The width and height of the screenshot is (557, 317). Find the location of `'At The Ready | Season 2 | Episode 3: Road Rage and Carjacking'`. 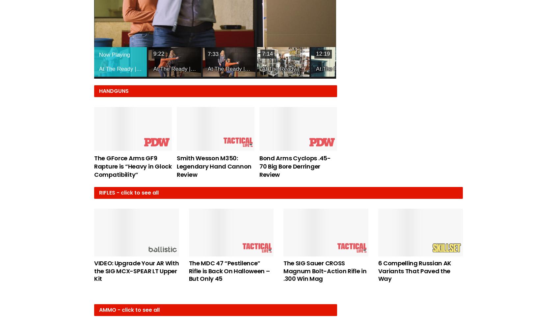

'At The Ready | Season 2 | Episode 3: Road Rage and Carjacking' is located at coordinates (288, 68).